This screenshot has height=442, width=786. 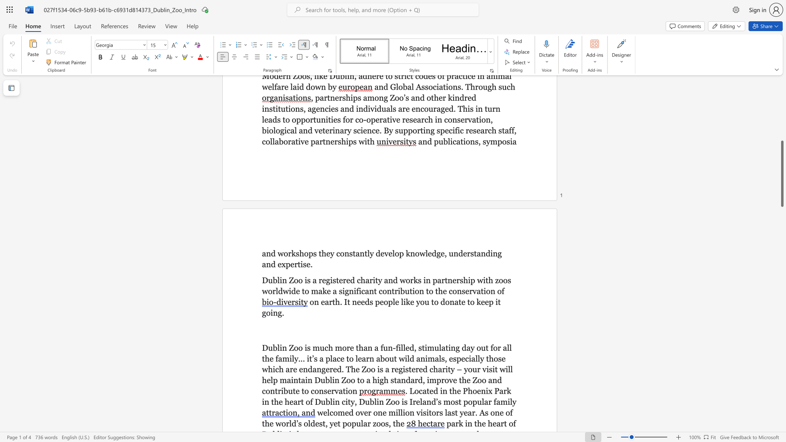 I want to click on the subset text "dest," within the text "welcomed over one million visitors last year. As one of the world’s oldest,", so click(x=310, y=423).